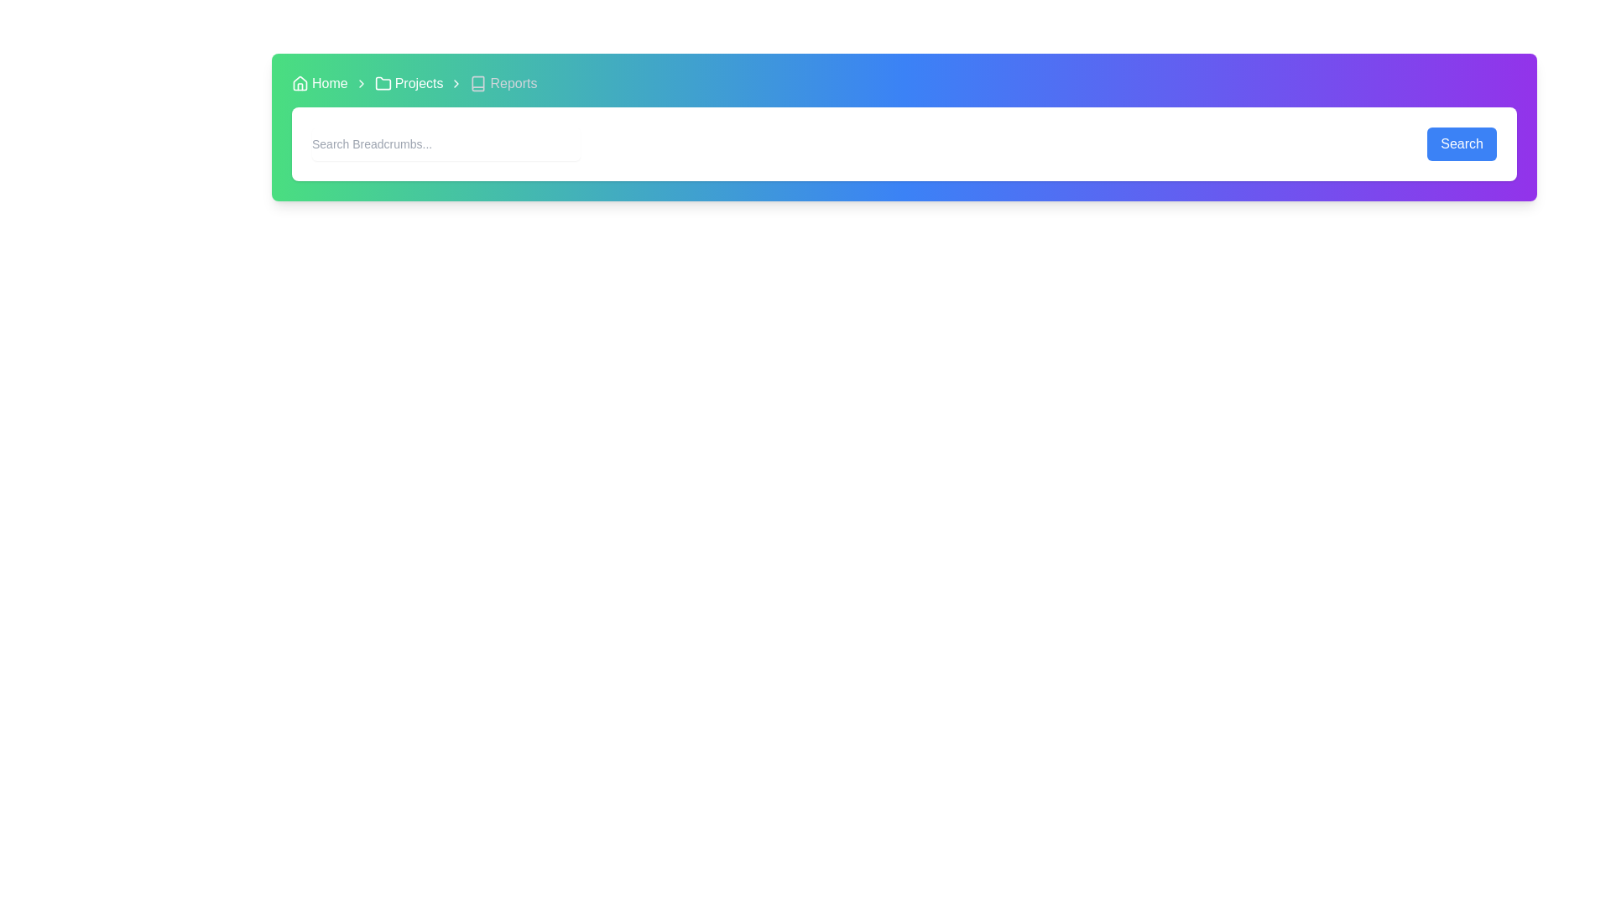 The height and width of the screenshot is (906, 1611). I want to click on the 'Projects' breadcrumb navigation link with a folder icon, which is styled with a white color transitioning to yellow upon hover, located in the navigation bar between 'Home' and 'Reports', so click(409, 84).